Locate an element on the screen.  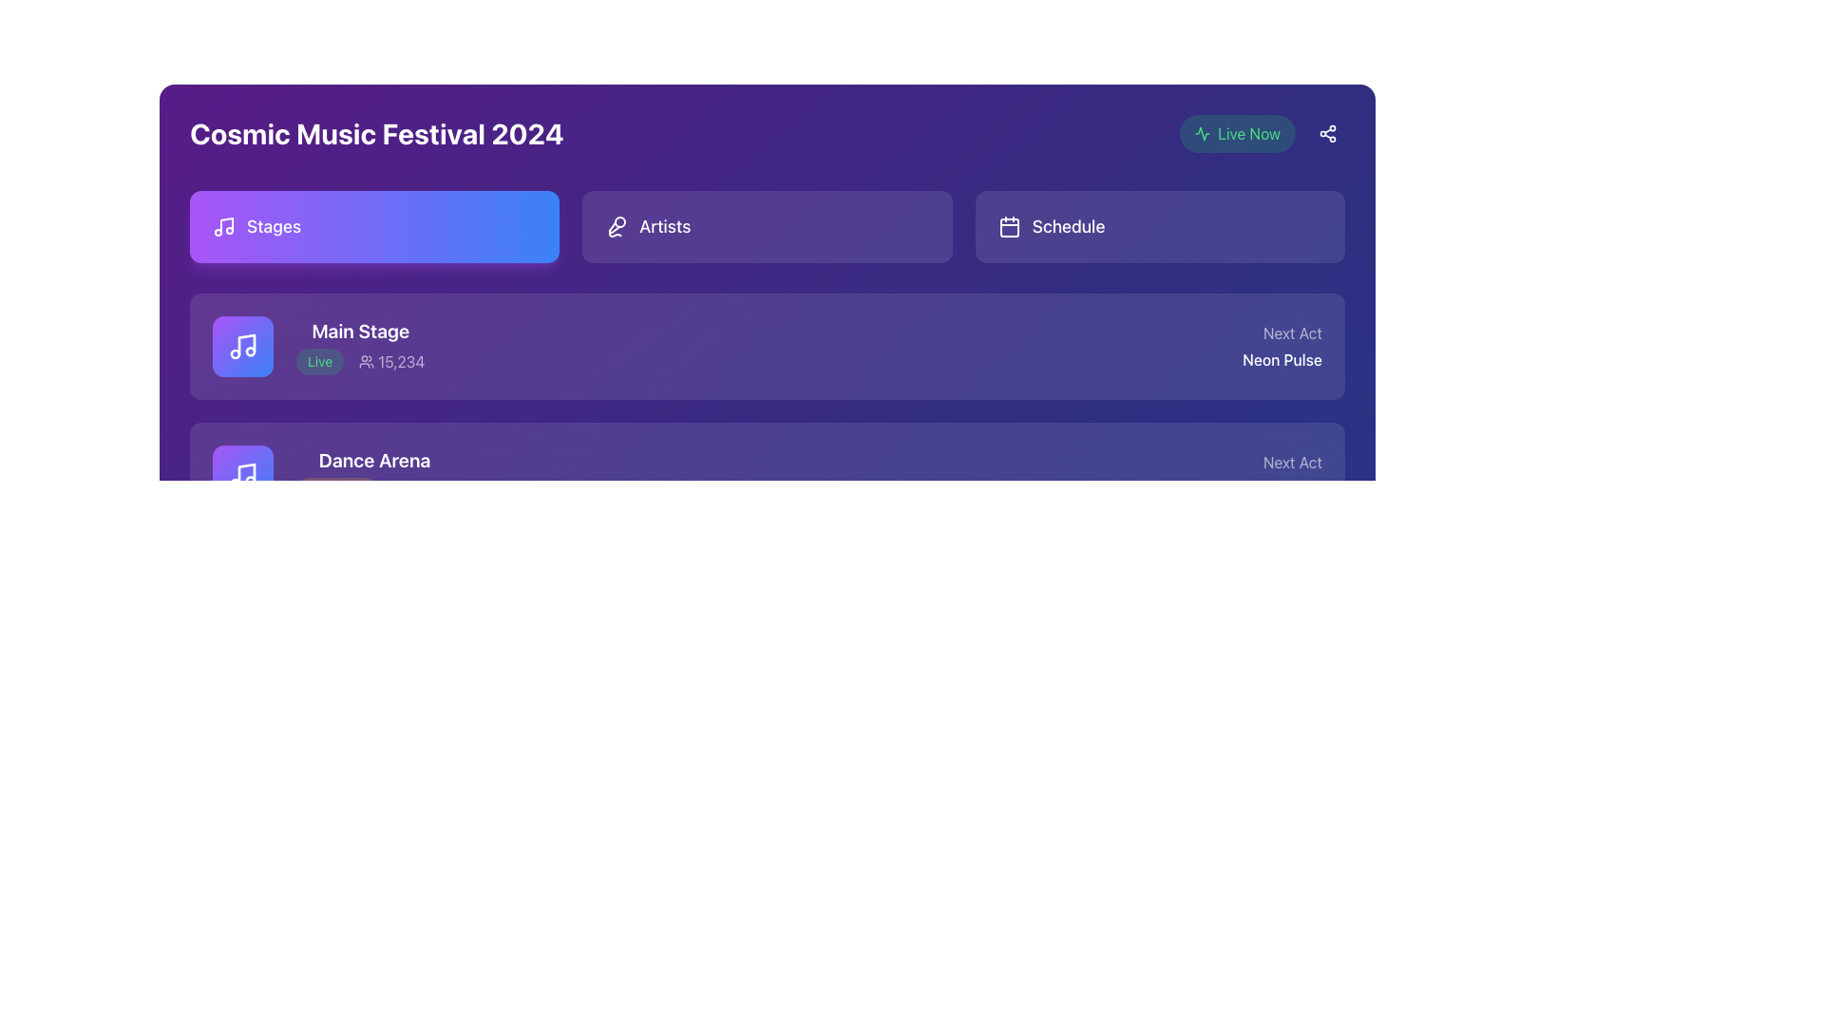
the microphone icon with white strokes inside a circle, located to the left of the 'Artists' text in the horizontal row of options near the top of the interface is located at coordinates (617, 226).